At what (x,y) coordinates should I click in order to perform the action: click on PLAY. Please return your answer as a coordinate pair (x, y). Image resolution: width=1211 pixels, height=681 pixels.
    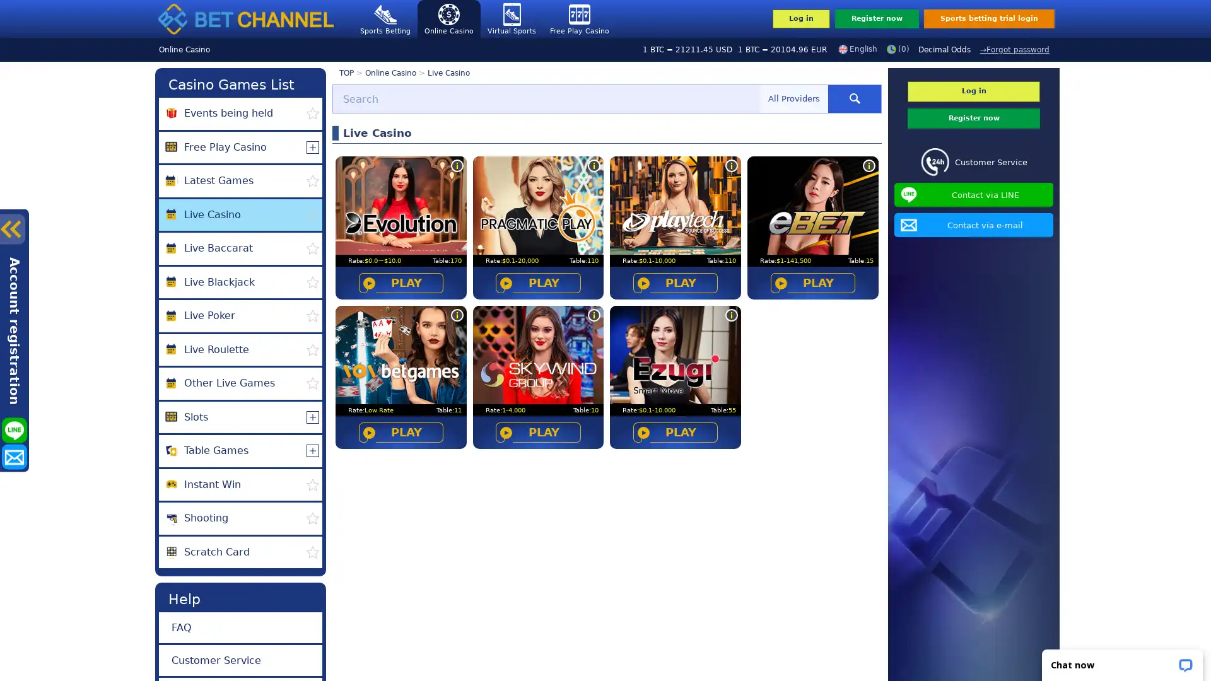
    Looking at the image, I should click on (674, 432).